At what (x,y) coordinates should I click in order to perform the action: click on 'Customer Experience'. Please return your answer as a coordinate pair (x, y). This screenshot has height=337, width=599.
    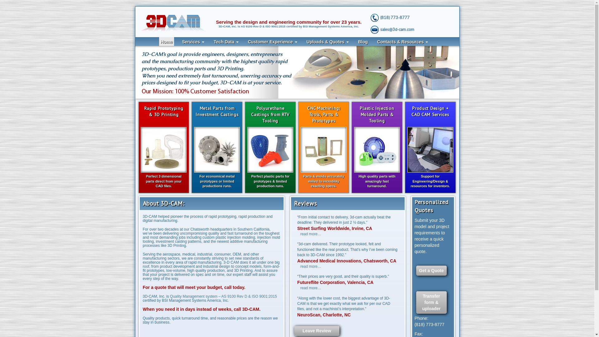
    Looking at the image, I should click on (272, 41).